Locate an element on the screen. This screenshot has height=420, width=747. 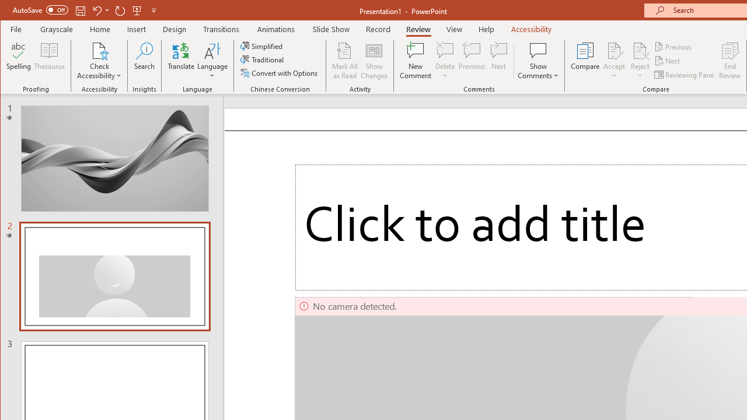
'Traditional' is located at coordinates (263, 60).